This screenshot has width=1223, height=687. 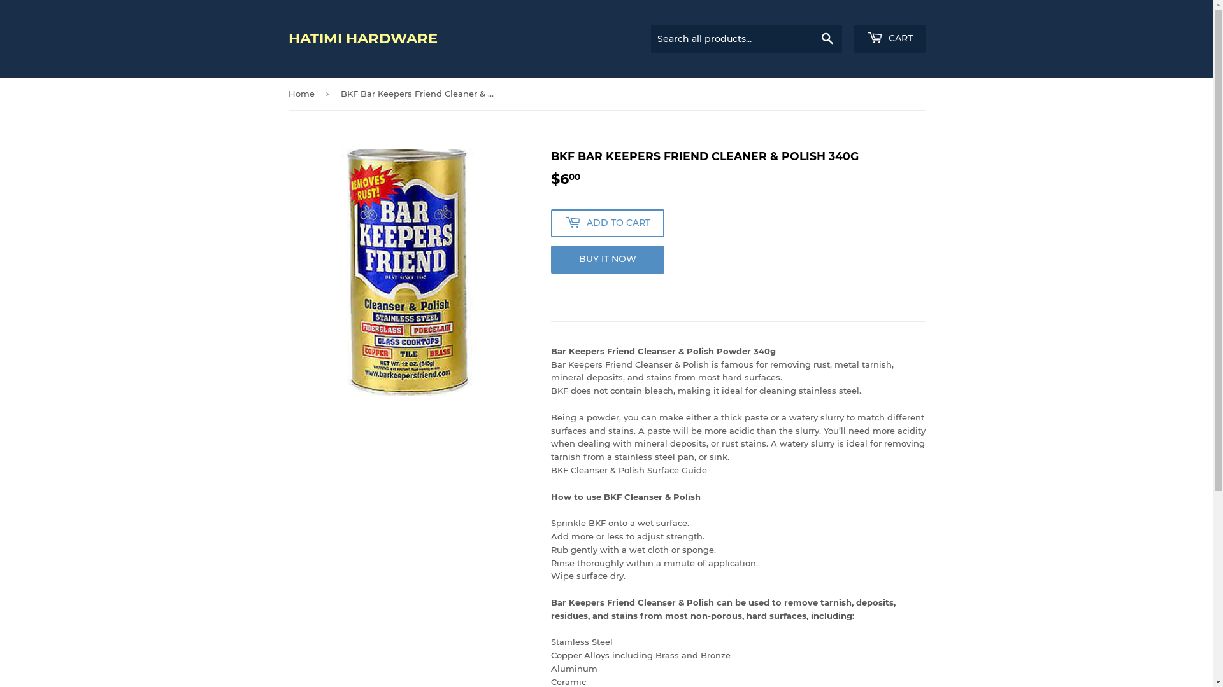 What do you see at coordinates (827, 38) in the screenshot?
I see `'Search'` at bounding box center [827, 38].